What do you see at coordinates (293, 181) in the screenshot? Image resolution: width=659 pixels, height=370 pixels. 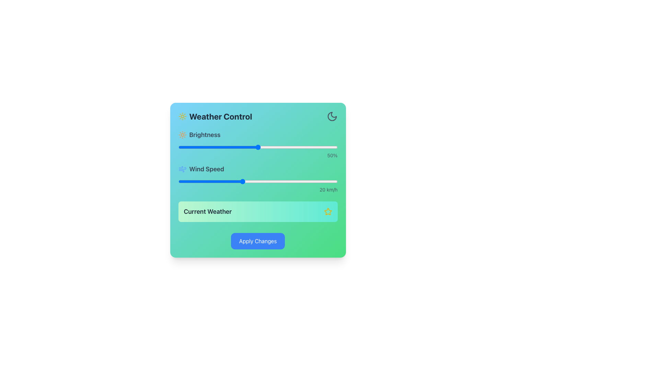 I see `the wind speed` at bounding box center [293, 181].